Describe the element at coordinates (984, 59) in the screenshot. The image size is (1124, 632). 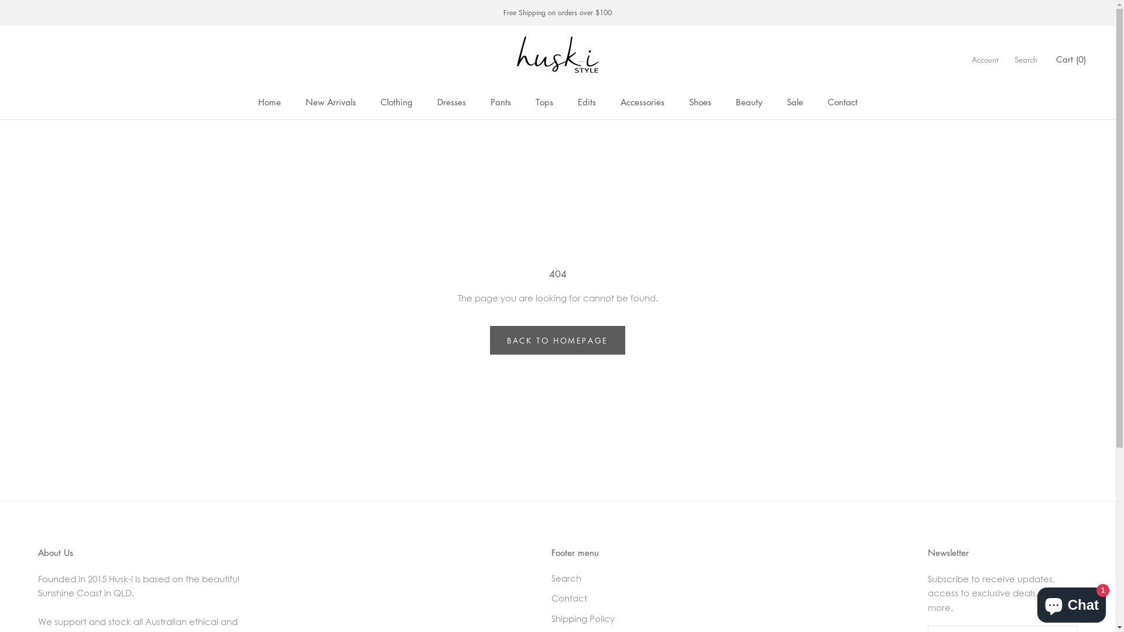
I see `'Account'` at that location.